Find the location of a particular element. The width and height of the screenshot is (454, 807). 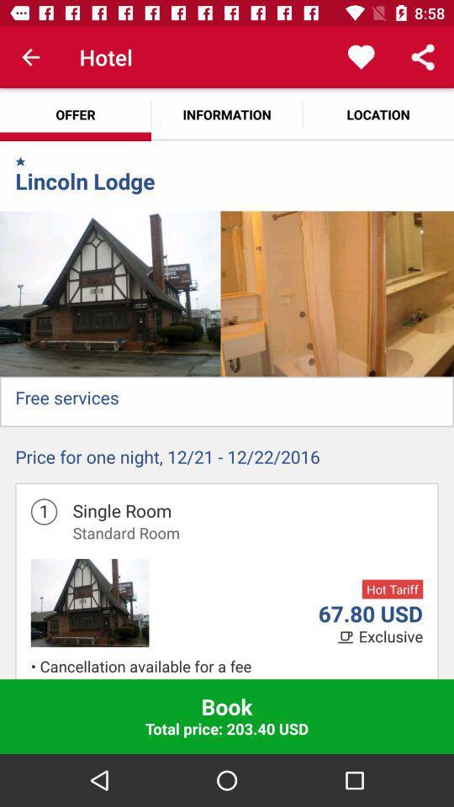

the icon below the single room is located at coordinates (125, 532).